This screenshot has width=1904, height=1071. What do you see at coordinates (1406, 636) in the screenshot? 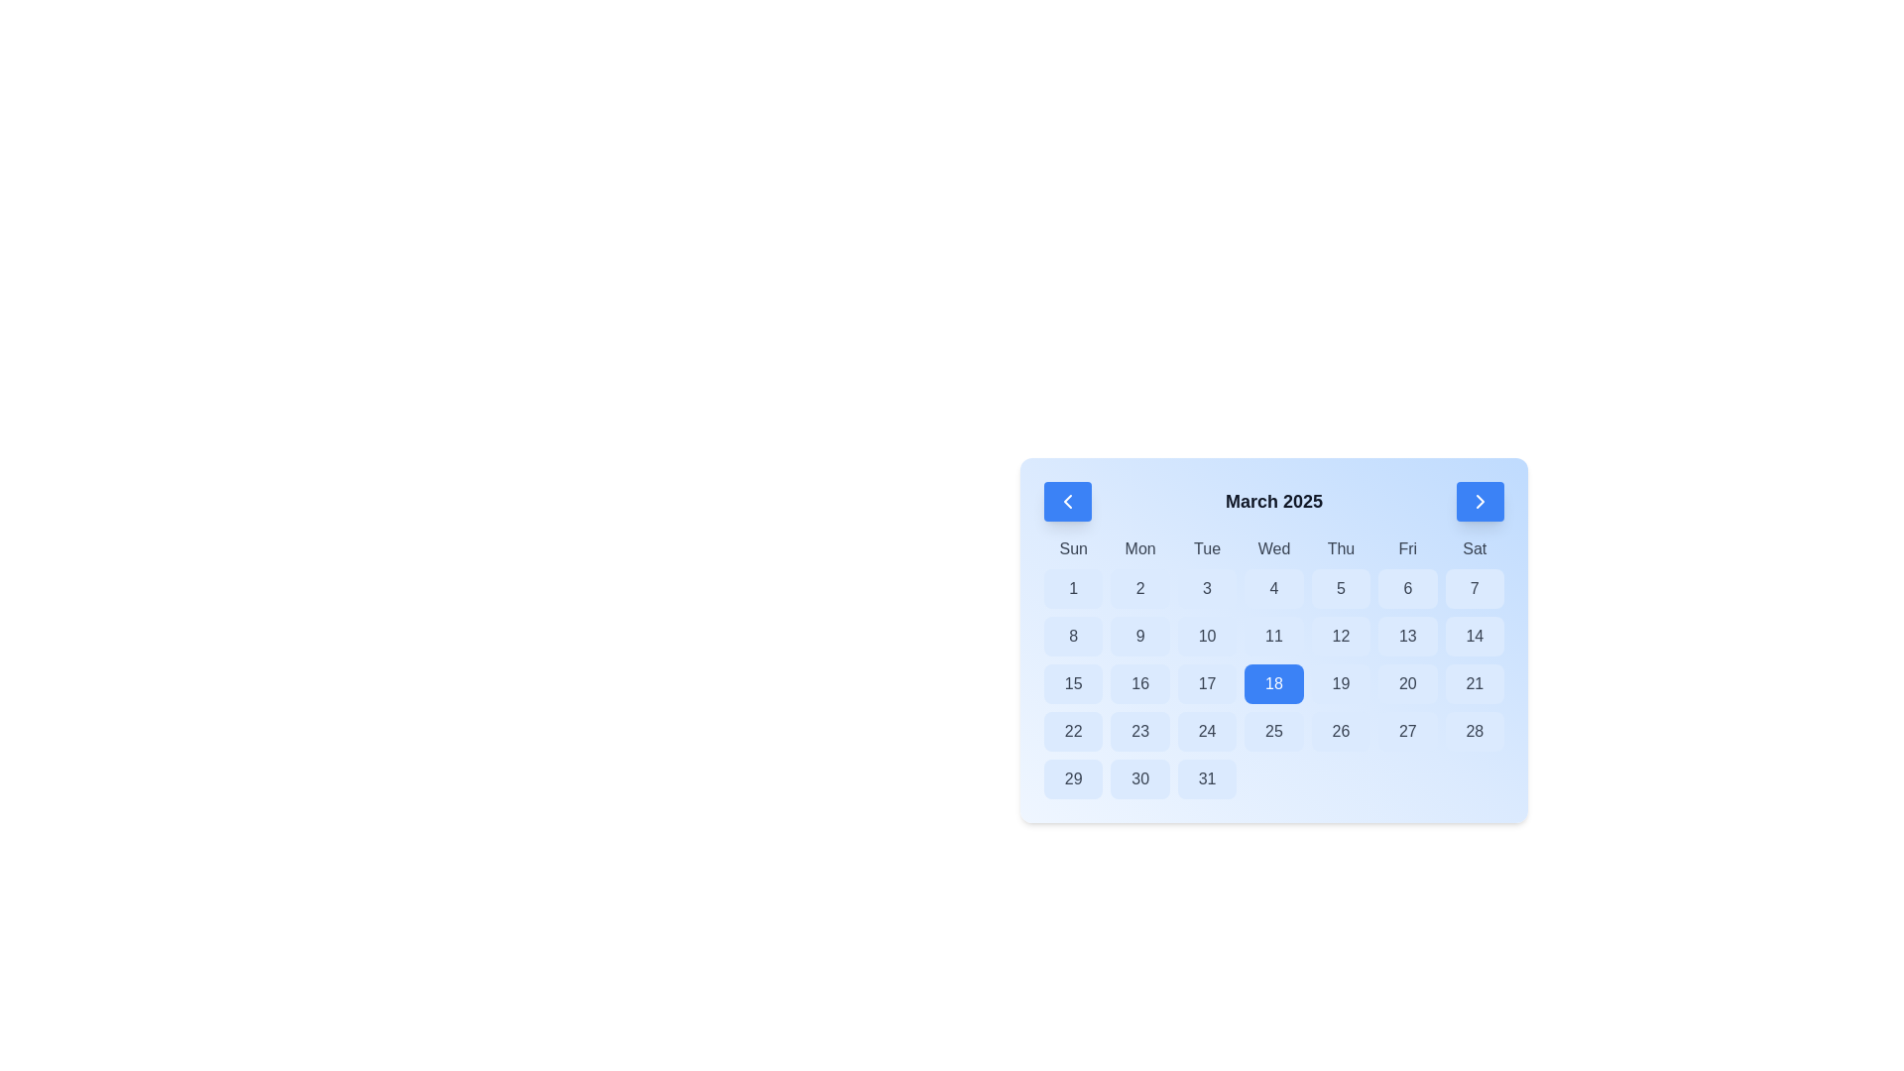
I see `the calendar date selection button for the 13th day of the month located under the label 'Fri'` at bounding box center [1406, 636].